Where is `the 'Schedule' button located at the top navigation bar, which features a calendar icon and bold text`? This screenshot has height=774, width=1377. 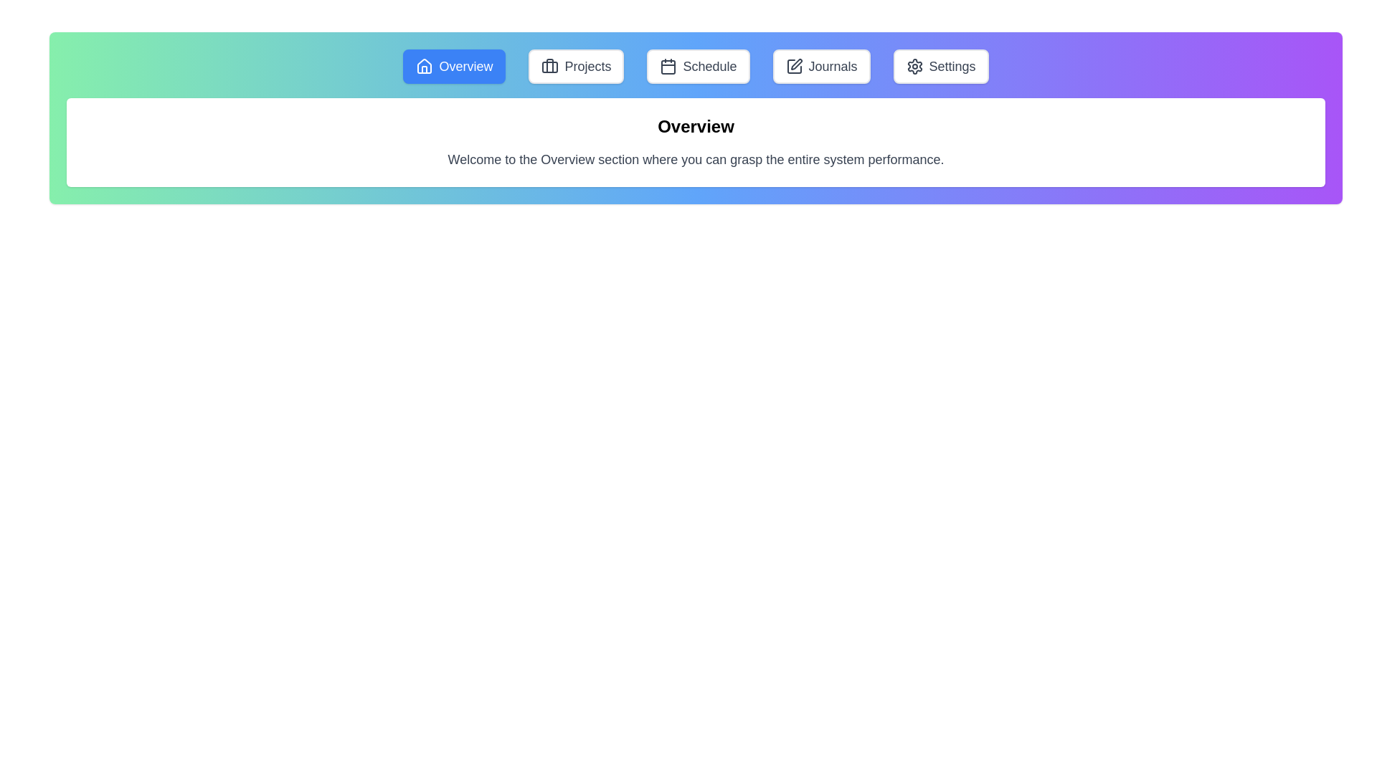
the 'Schedule' button located at the top navigation bar, which features a calendar icon and bold text is located at coordinates (699, 66).